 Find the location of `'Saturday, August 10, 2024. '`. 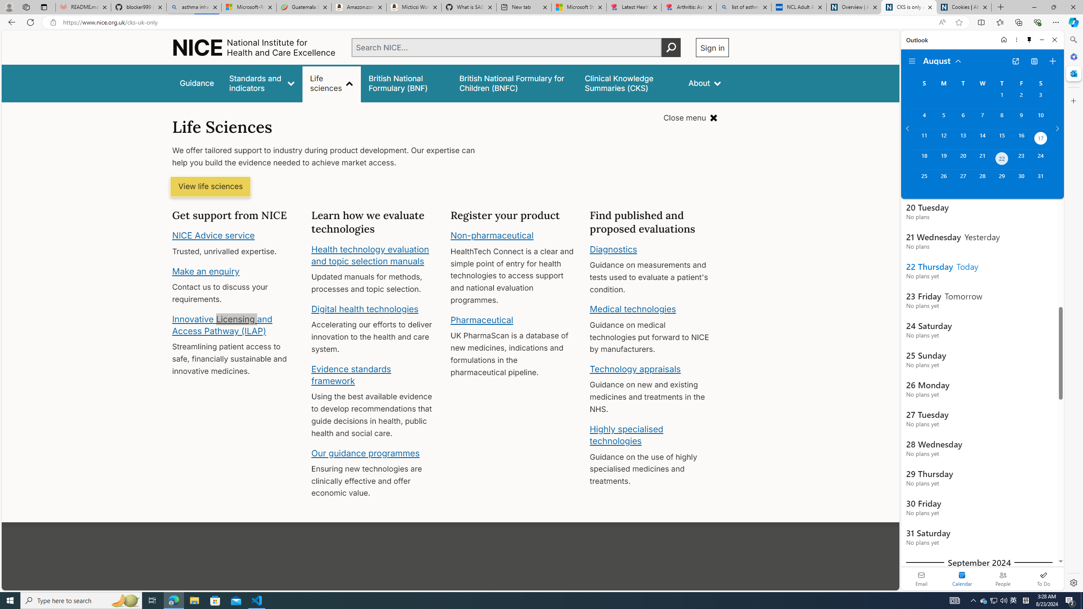

'Saturday, August 10, 2024. ' is located at coordinates (1040, 118).